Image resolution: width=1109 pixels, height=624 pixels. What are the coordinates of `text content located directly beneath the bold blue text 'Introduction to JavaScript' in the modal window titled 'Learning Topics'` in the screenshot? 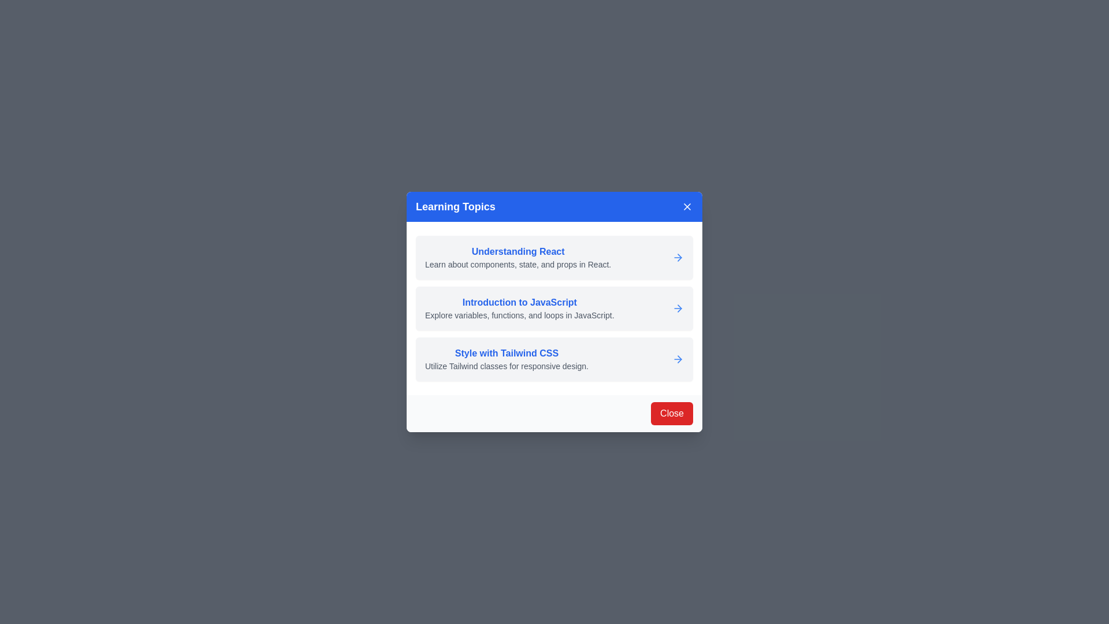 It's located at (519, 315).